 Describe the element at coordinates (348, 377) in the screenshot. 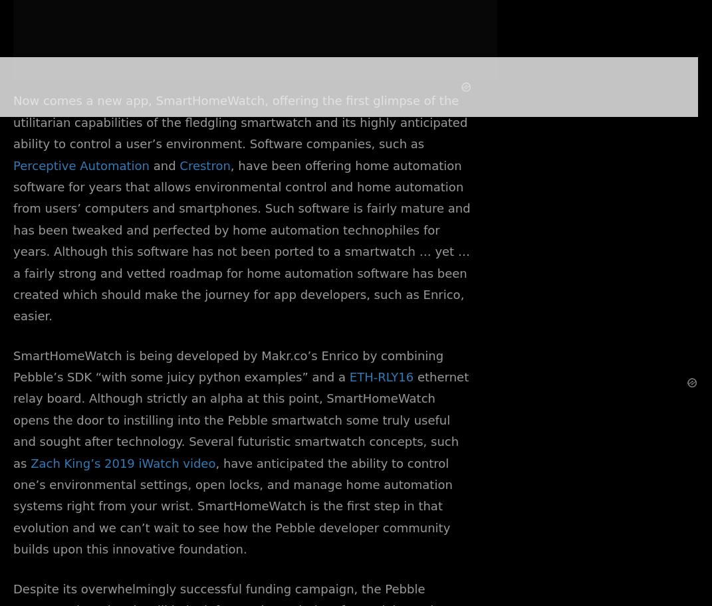

I see `'ETH-RLY16'` at that location.